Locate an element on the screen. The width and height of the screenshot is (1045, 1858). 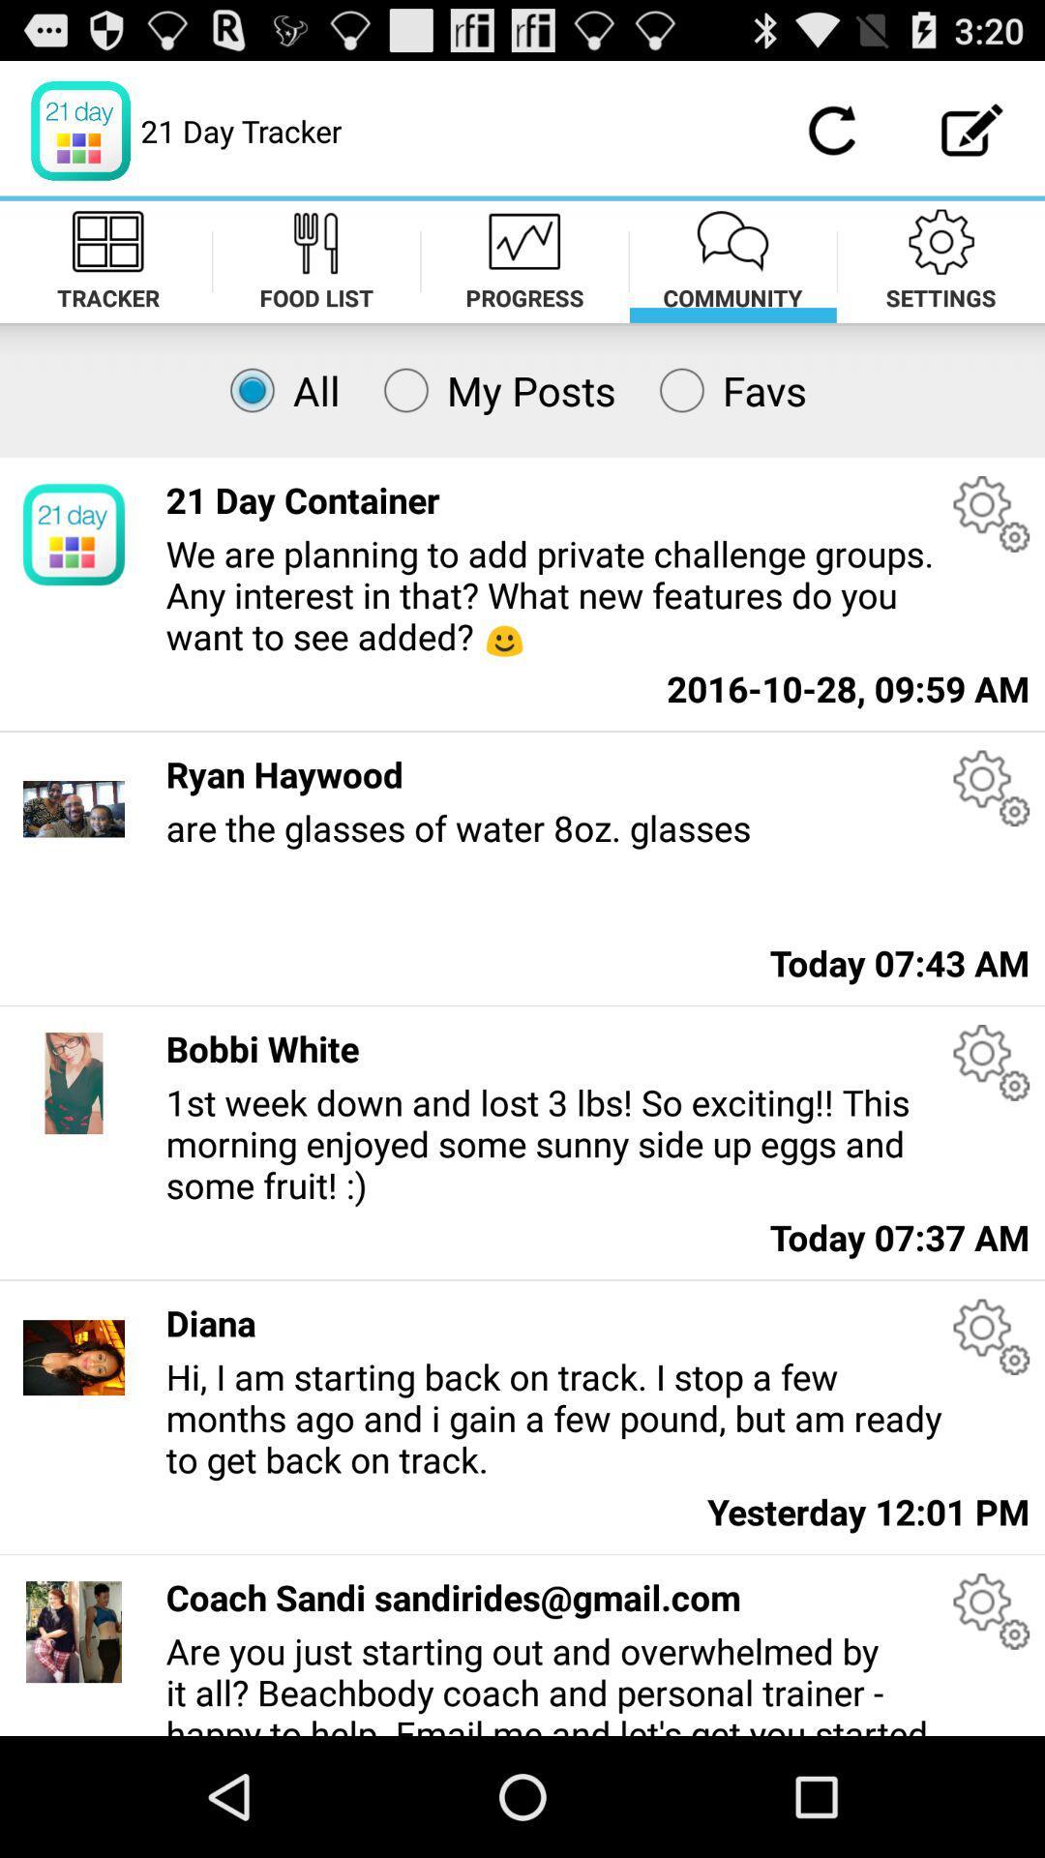
community post user settings is located at coordinates (991, 1611).